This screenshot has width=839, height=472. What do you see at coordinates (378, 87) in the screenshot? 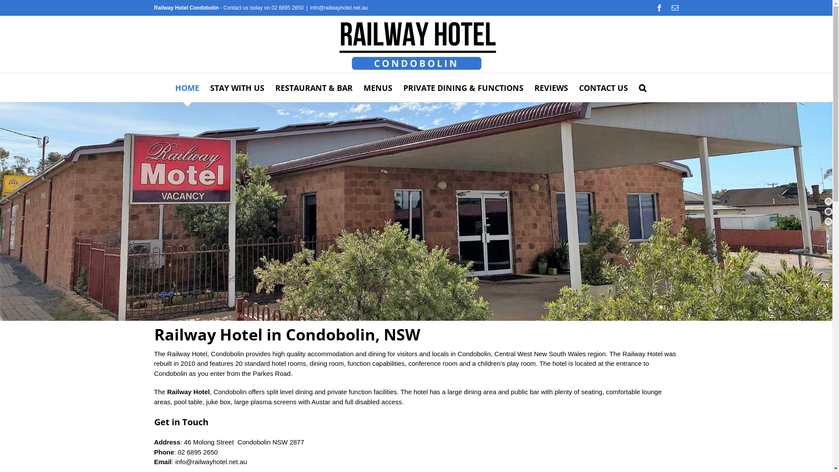
I see `'MENUS'` at bounding box center [378, 87].